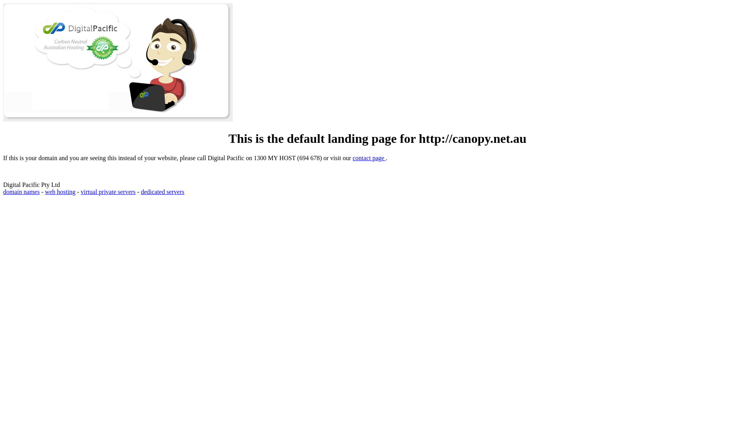 The image size is (755, 425). Describe the element at coordinates (369, 158) in the screenshot. I see `'contact page'` at that location.